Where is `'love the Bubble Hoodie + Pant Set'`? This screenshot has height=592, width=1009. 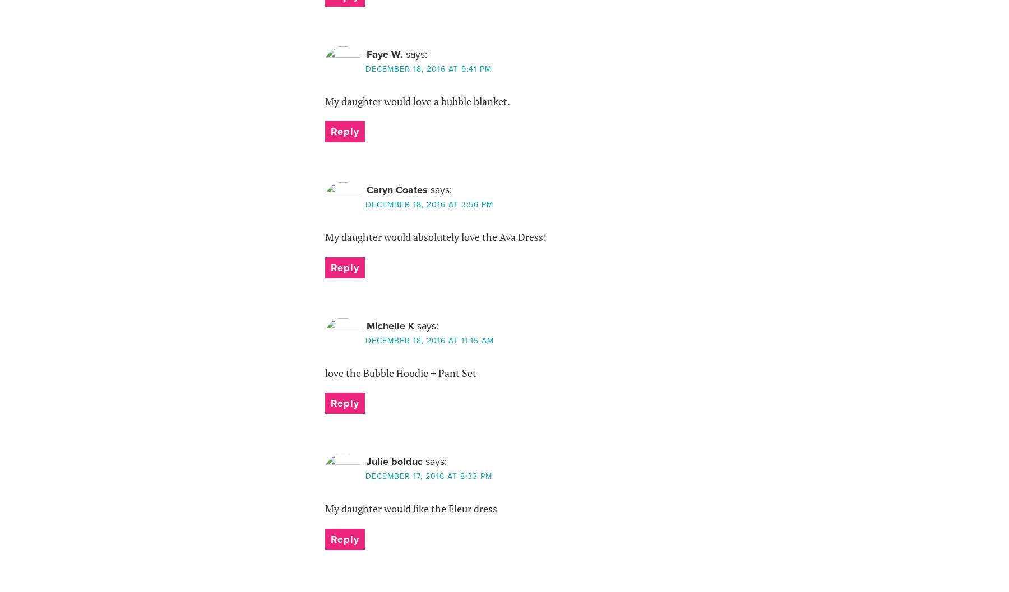
'love the Bubble Hoodie + Pant Set' is located at coordinates (325, 372).